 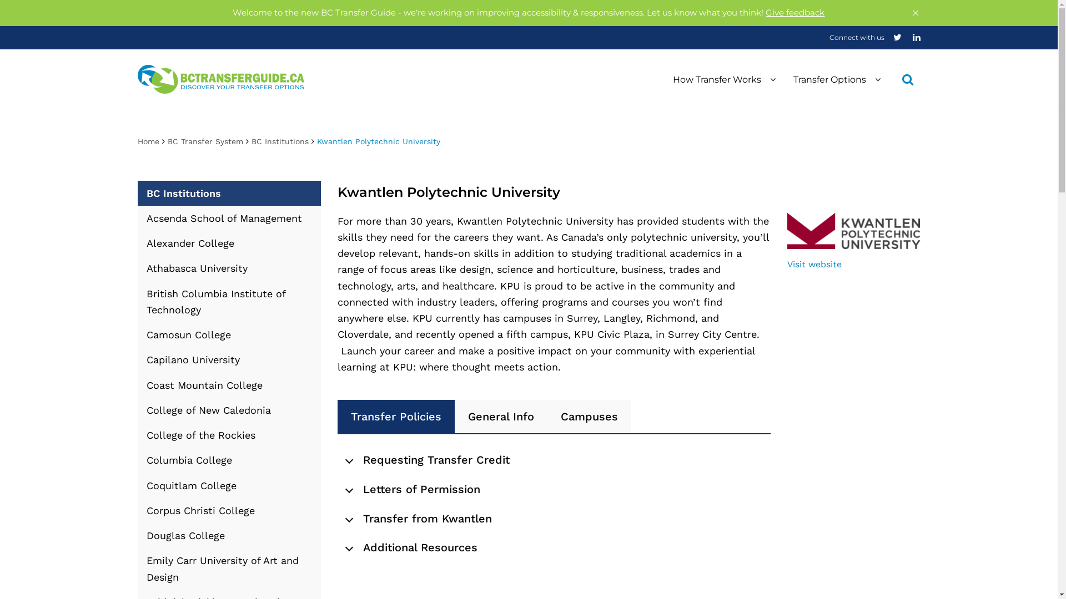 I want to click on 'Home', so click(x=148, y=140).